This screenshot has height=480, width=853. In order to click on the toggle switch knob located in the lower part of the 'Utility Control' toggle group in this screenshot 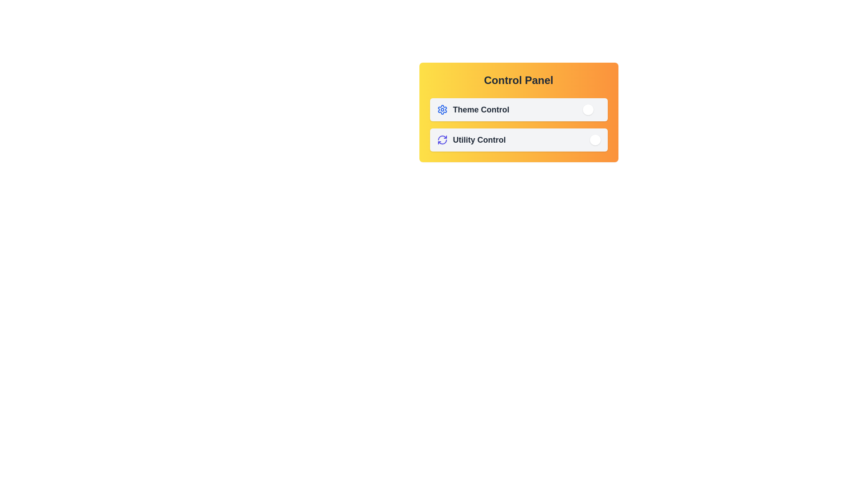, I will do `click(595, 140)`.